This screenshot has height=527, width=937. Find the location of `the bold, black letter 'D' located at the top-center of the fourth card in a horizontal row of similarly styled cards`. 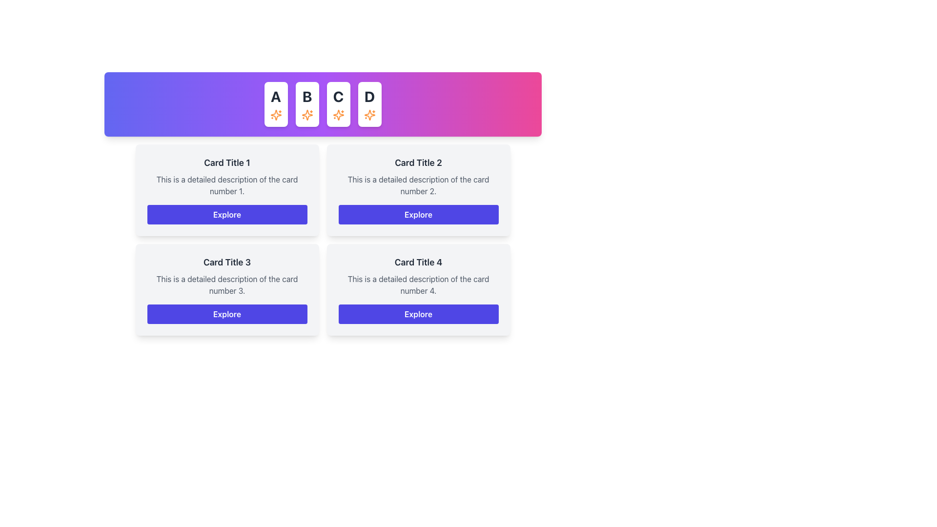

the bold, black letter 'D' located at the top-center of the fourth card in a horizontal row of similarly styled cards is located at coordinates (369, 96).